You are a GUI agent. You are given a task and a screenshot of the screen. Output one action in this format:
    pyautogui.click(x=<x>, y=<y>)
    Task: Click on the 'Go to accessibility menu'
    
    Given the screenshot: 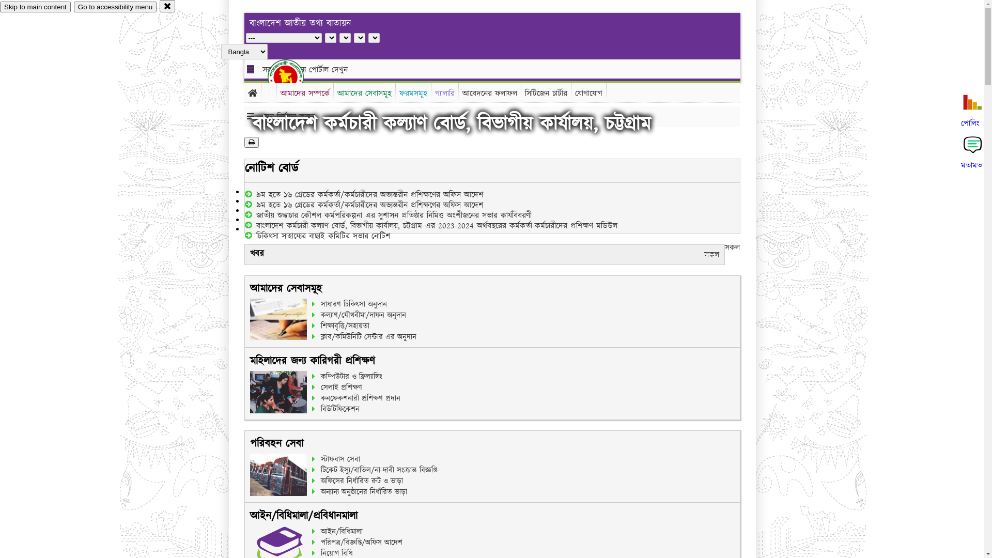 What is the action you would take?
    pyautogui.click(x=115, y=7)
    